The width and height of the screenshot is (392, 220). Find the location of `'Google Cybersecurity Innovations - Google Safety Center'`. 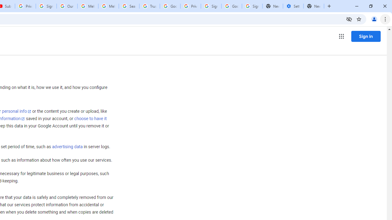

'Google Cybersecurity Innovations - Google Safety Center' is located at coordinates (231, 6).